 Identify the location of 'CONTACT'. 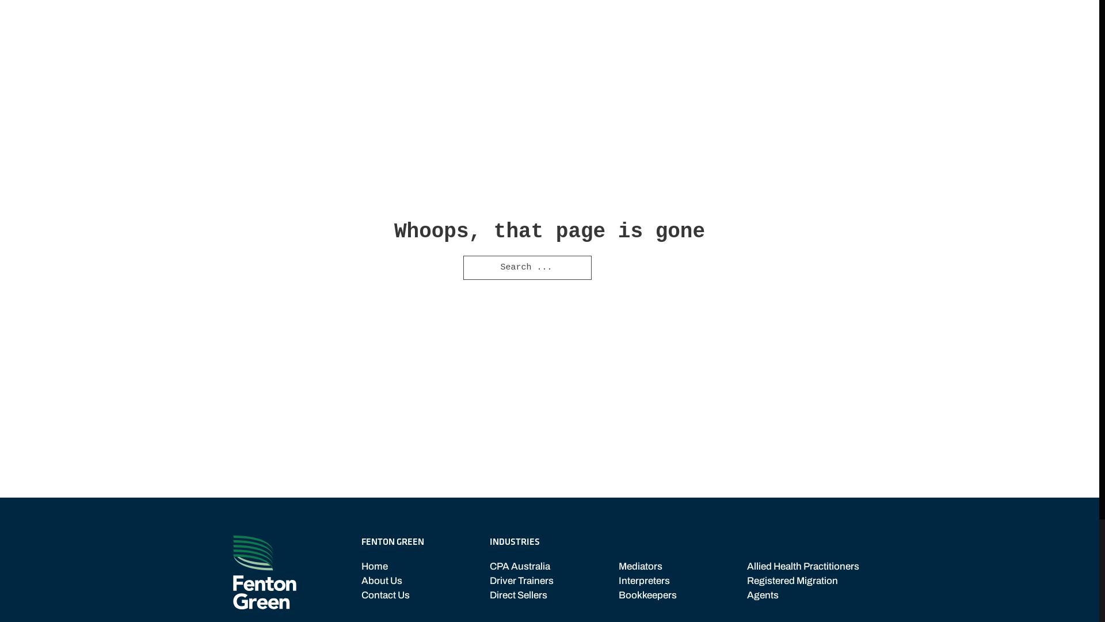
(837, 22).